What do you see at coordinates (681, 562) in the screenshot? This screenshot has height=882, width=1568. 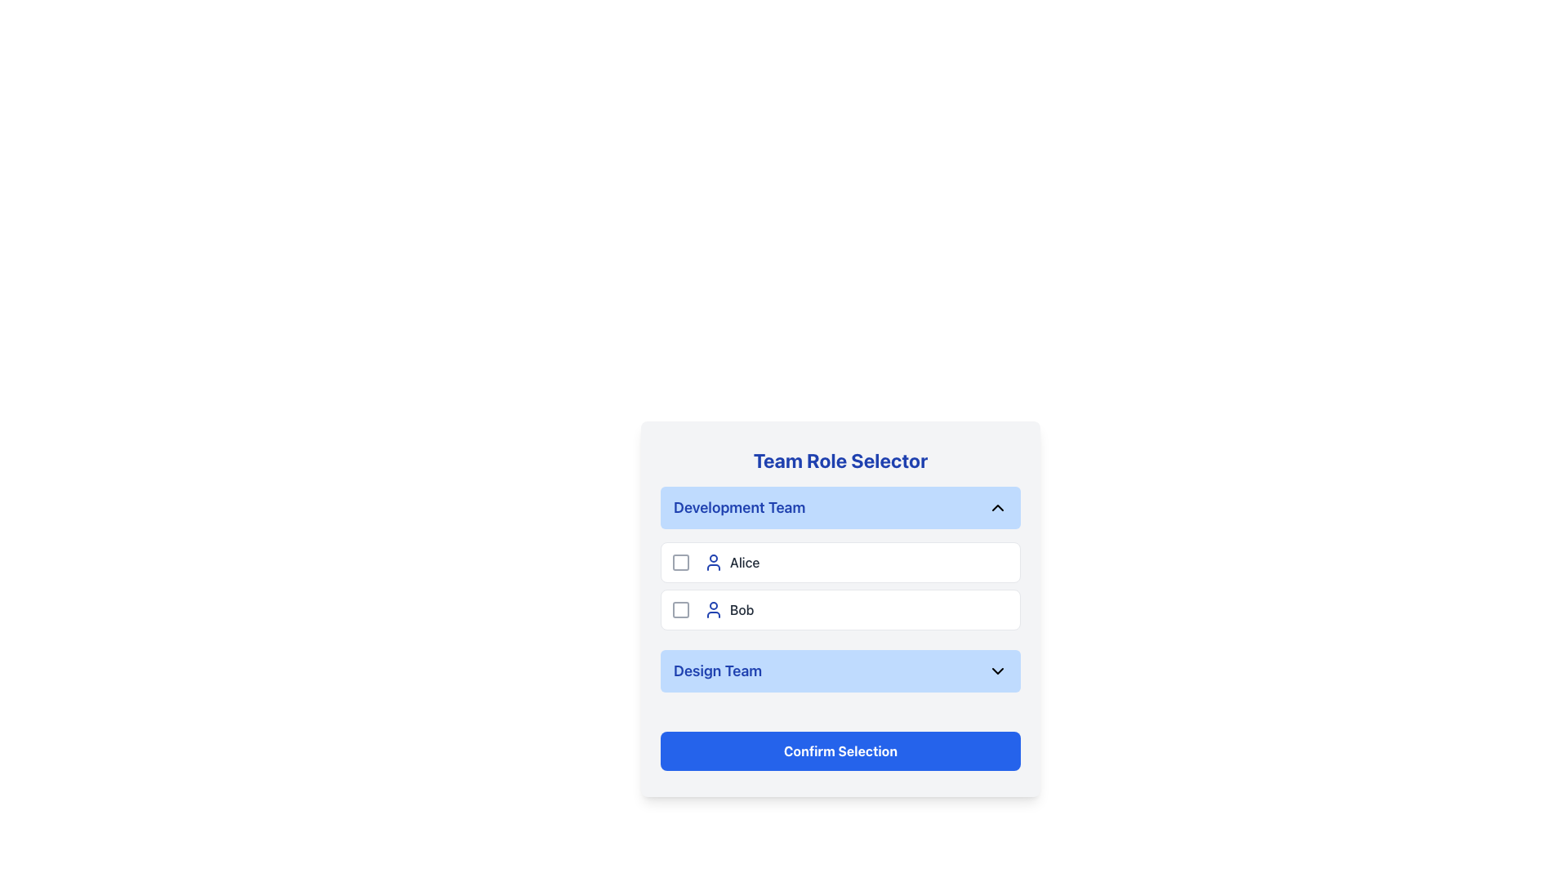 I see `the checkbox associated with the list item for 'Alice' to receive a visual response` at bounding box center [681, 562].